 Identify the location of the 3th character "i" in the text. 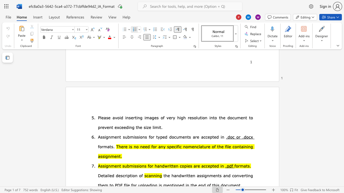
(159, 127).